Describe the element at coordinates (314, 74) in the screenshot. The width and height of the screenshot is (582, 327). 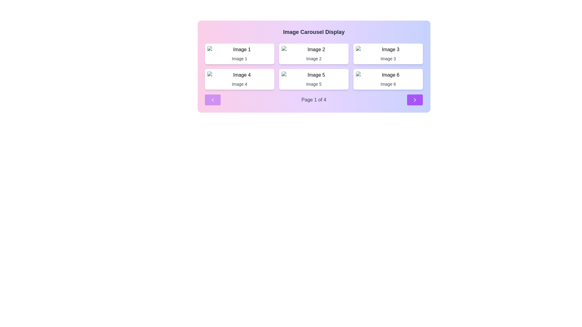
I see `the placeholder image associated with the label 'Image 5'` at that location.